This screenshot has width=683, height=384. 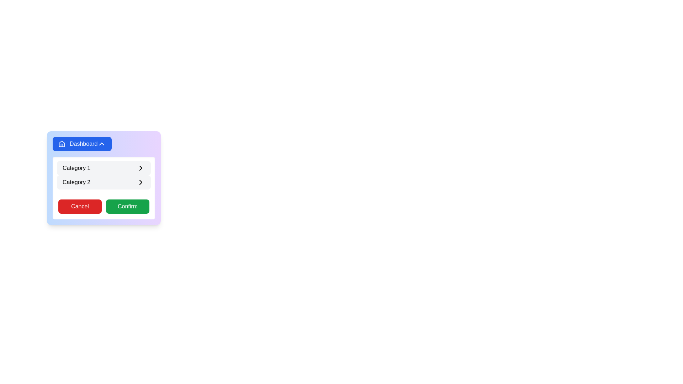 I want to click on the small, minimalist house icon with a line-drawn style and blue background, located at the top-left corner of the card containing the 'Dashboard' label, so click(x=62, y=144).